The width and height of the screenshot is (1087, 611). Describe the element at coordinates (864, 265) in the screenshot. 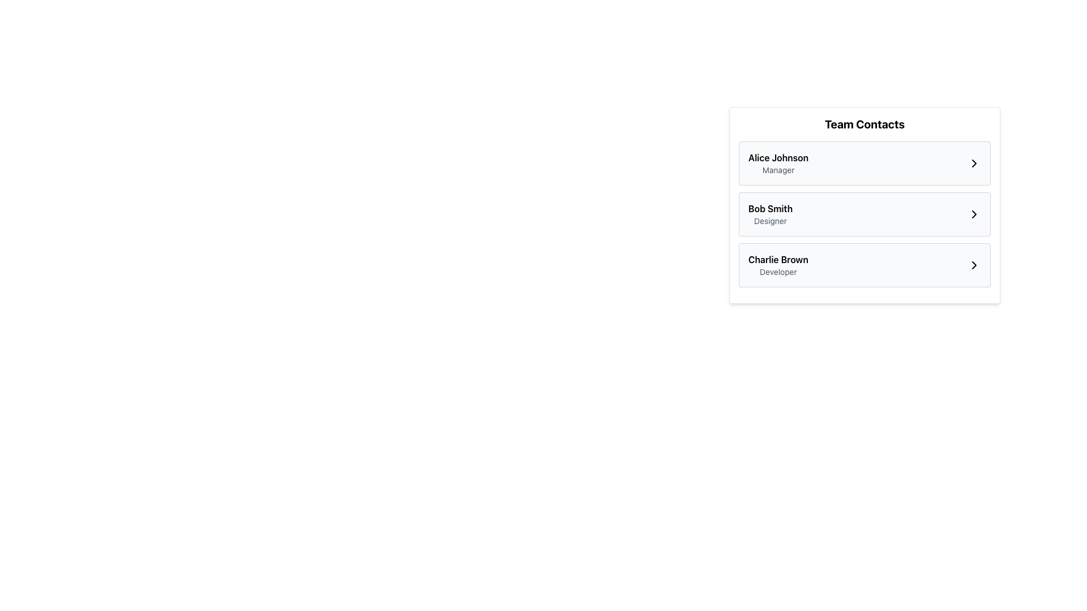

I see `the contact list item for 'Charlie Brown'` at that location.